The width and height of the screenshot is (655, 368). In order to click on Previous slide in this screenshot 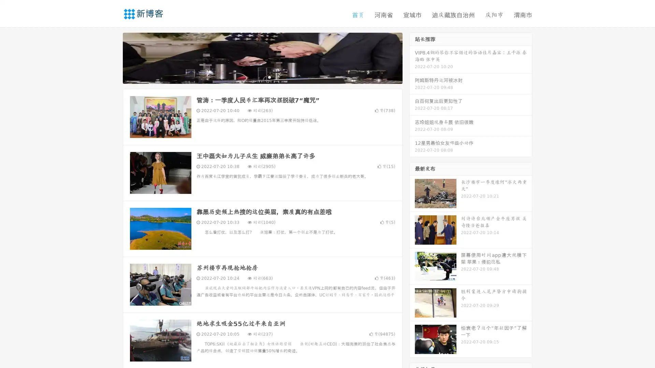, I will do `click(113, 57)`.